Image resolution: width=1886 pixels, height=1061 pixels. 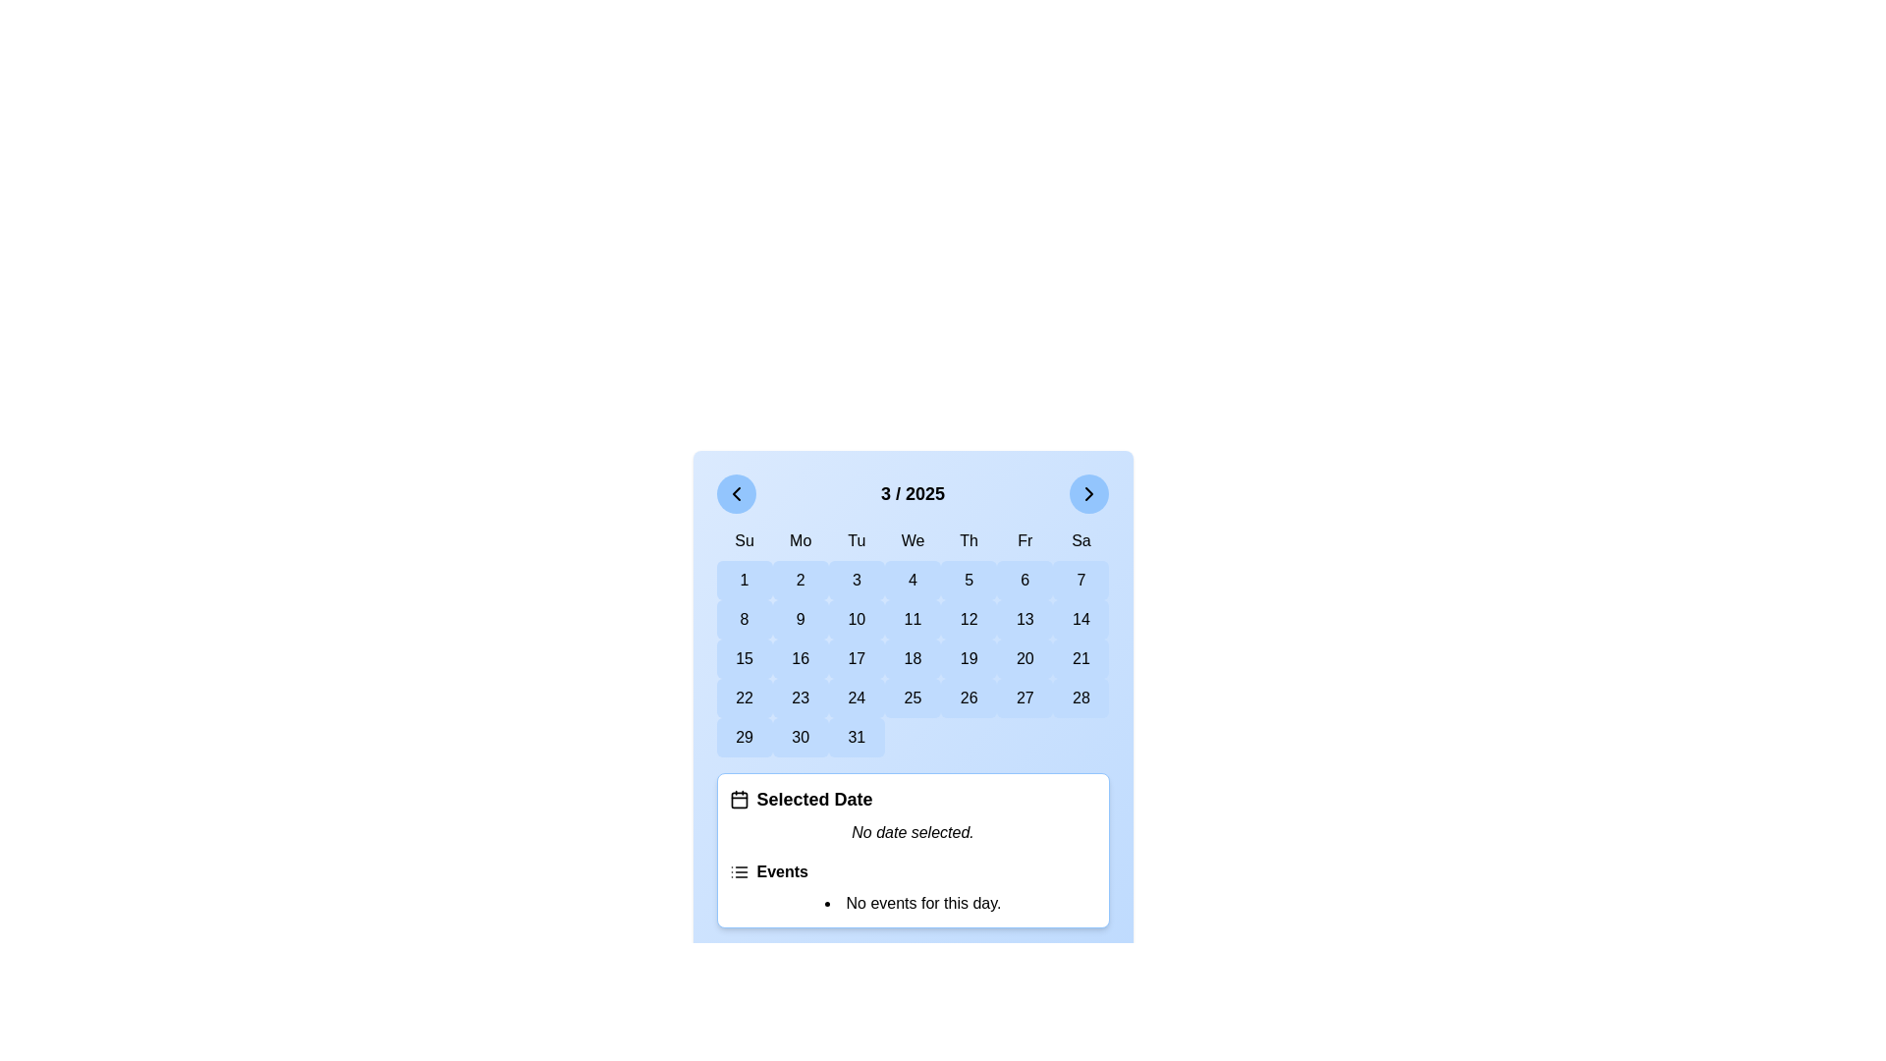 I want to click on the left-pointing chevron icon in the calendar header, so click(x=735, y=492).